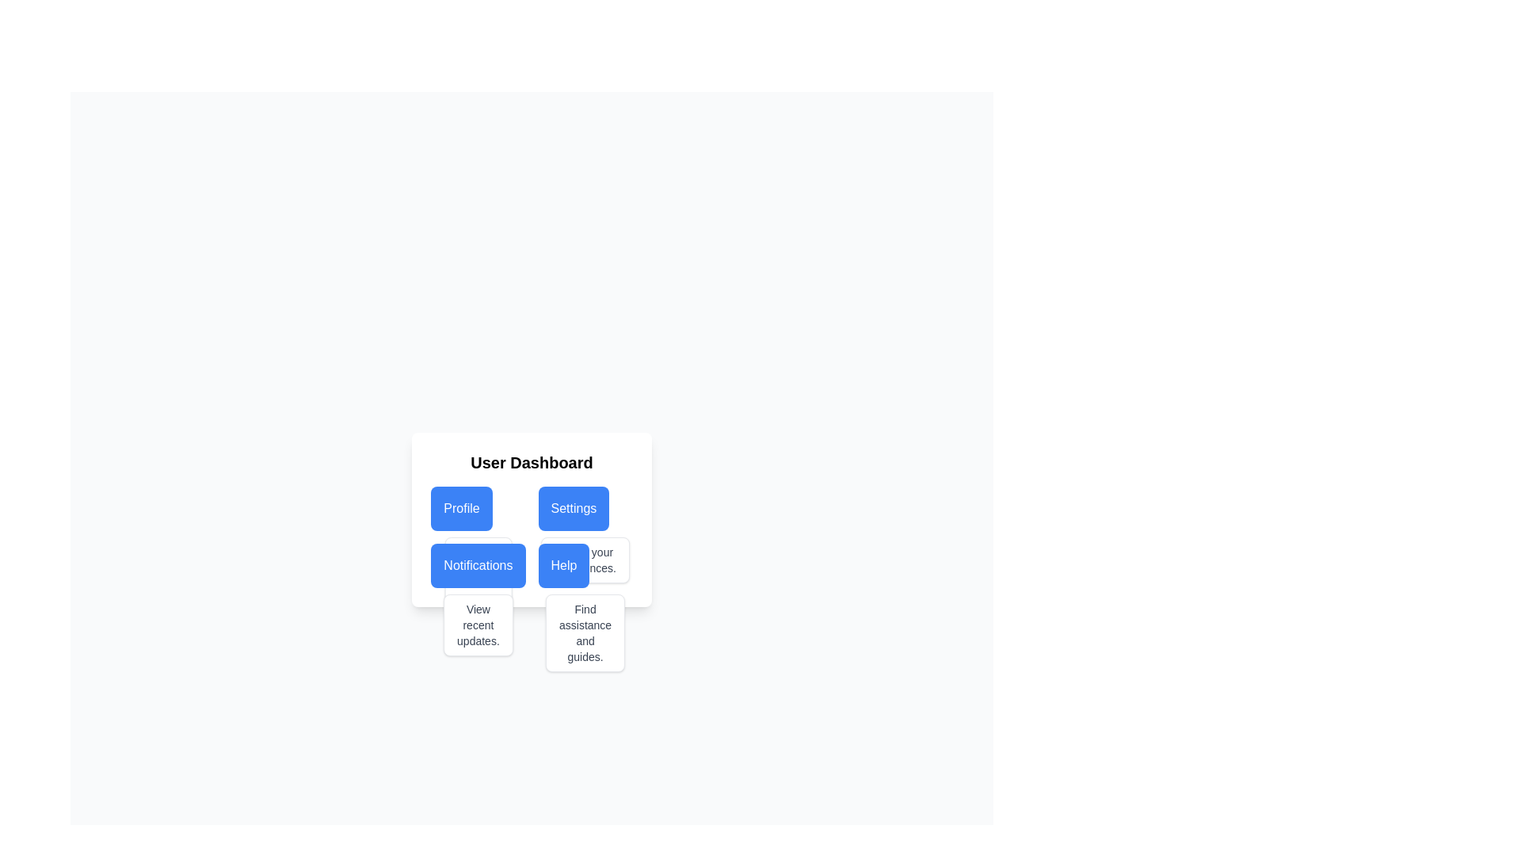 Image resolution: width=1521 pixels, height=856 pixels. What do you see at coordinates (585, 564) in the screenshot?
I see `the help button located in the grid layout below the 'User Dashboard' header` at bounding box center [585, 564].